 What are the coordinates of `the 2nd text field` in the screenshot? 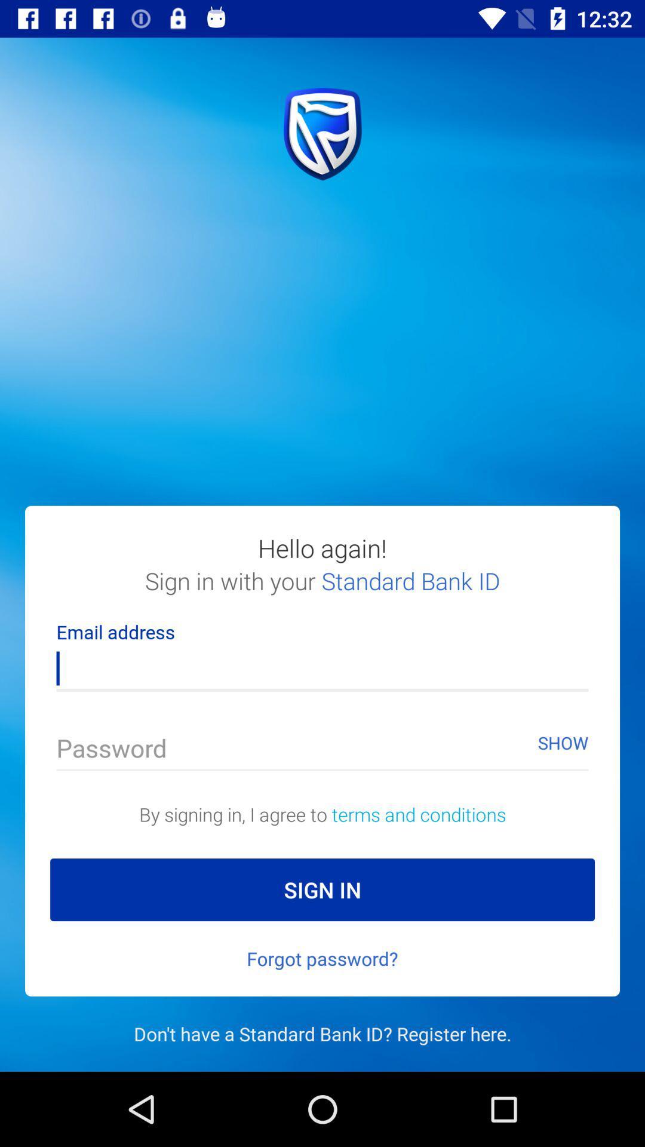 It's located at (322, 742).